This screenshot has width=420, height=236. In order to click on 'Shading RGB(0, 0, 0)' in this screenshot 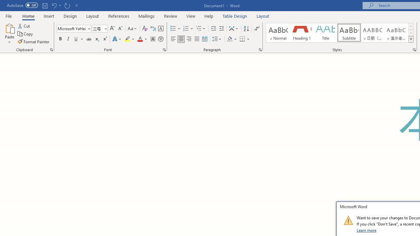, I will do `click(229, 39)`.